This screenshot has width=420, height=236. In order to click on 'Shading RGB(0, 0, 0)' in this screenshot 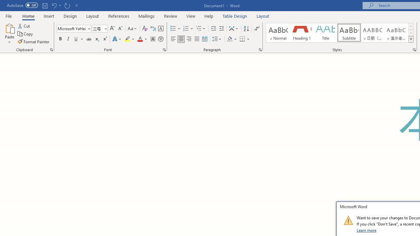, I will do `click(229, 39)`.